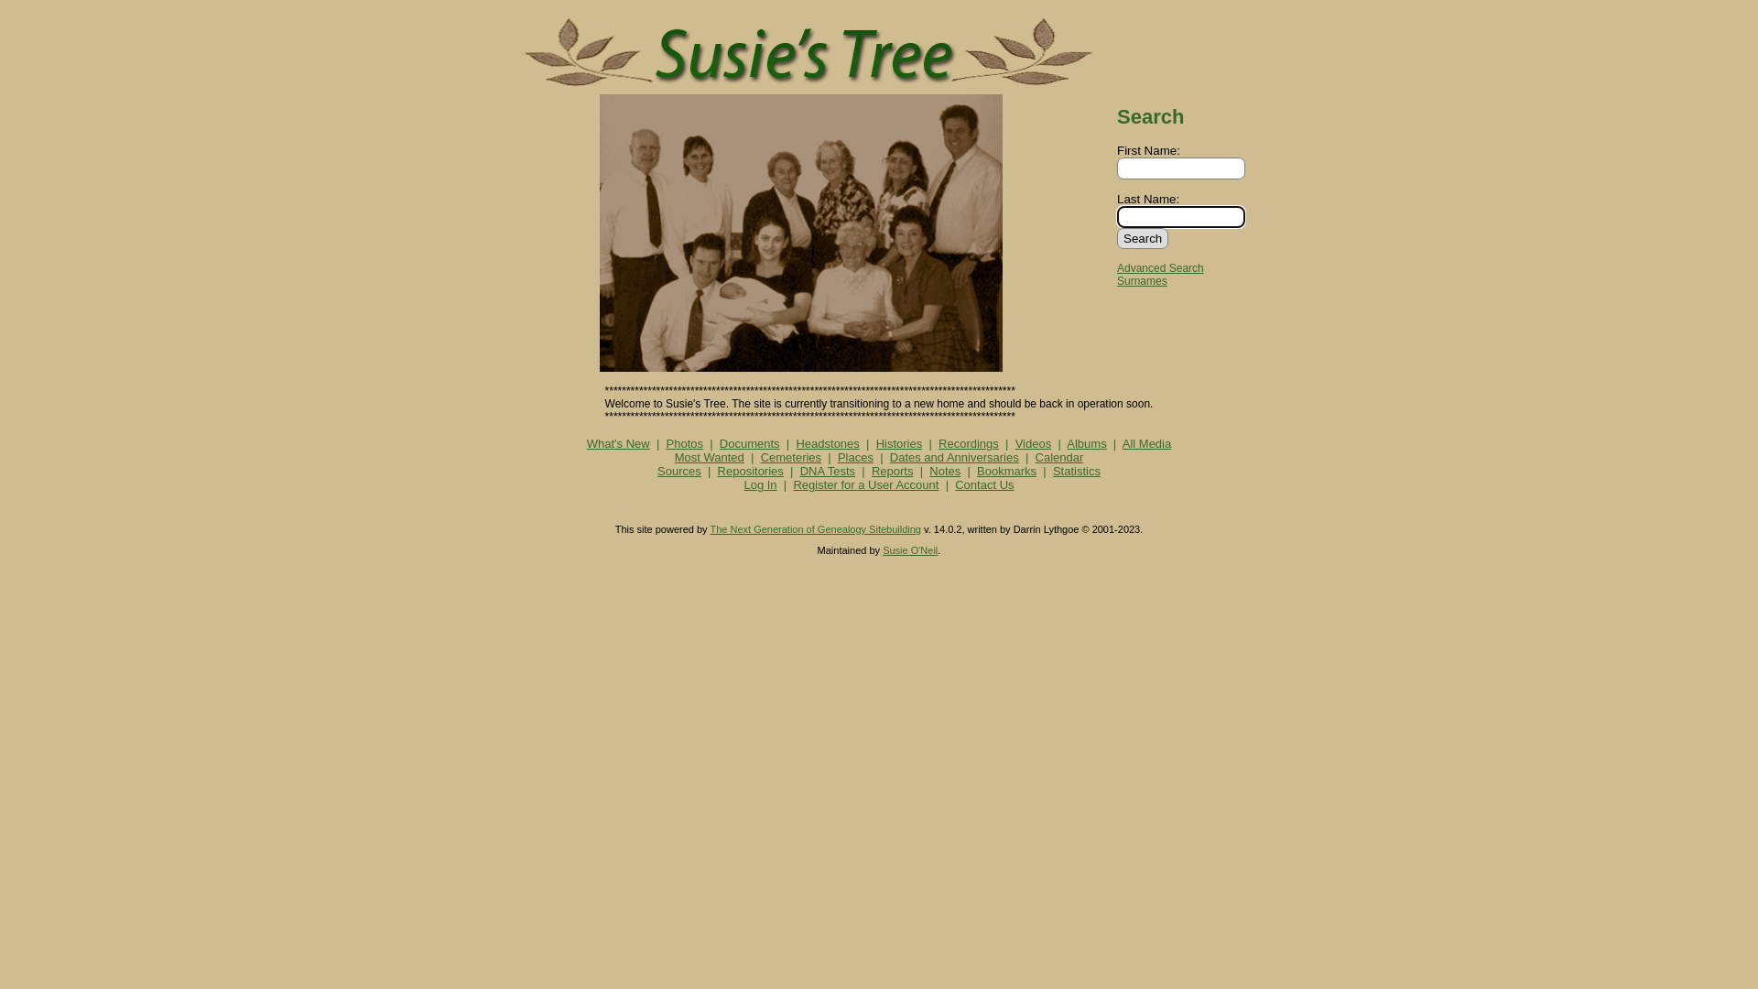 The height and width of the screenshot is (989, 1758). I want to click on 'DNA Tests', so click(826, 470).